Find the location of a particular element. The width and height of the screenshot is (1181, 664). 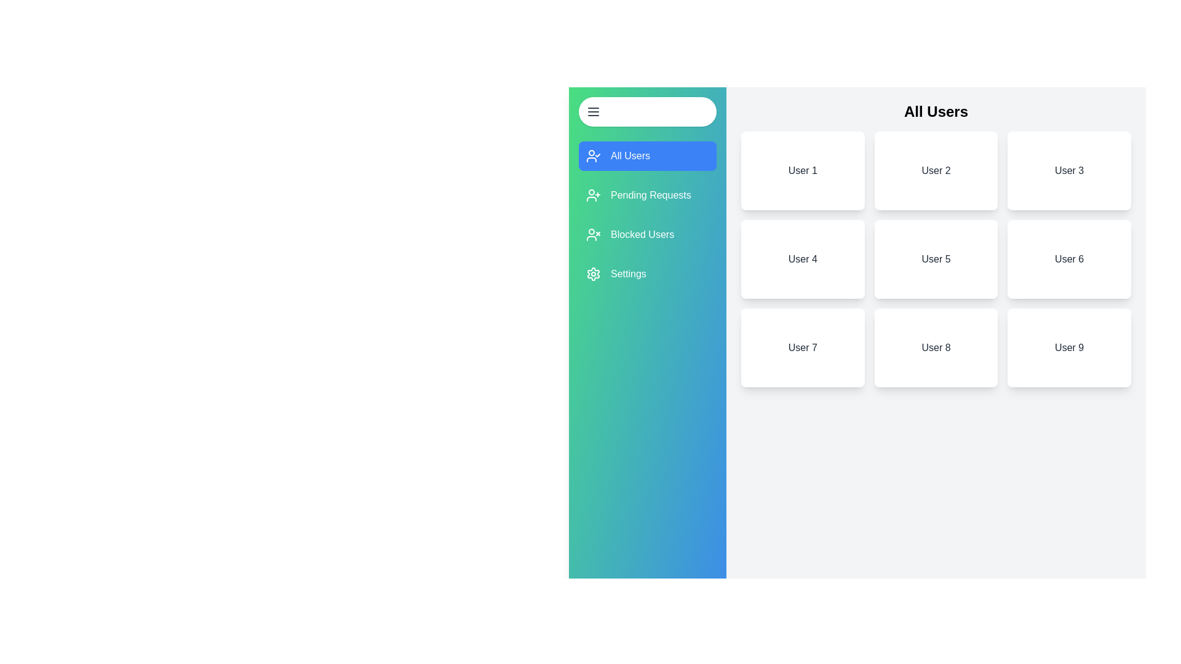

the section Blocked Users from the drawer menu is located at coordinates (646, 234).